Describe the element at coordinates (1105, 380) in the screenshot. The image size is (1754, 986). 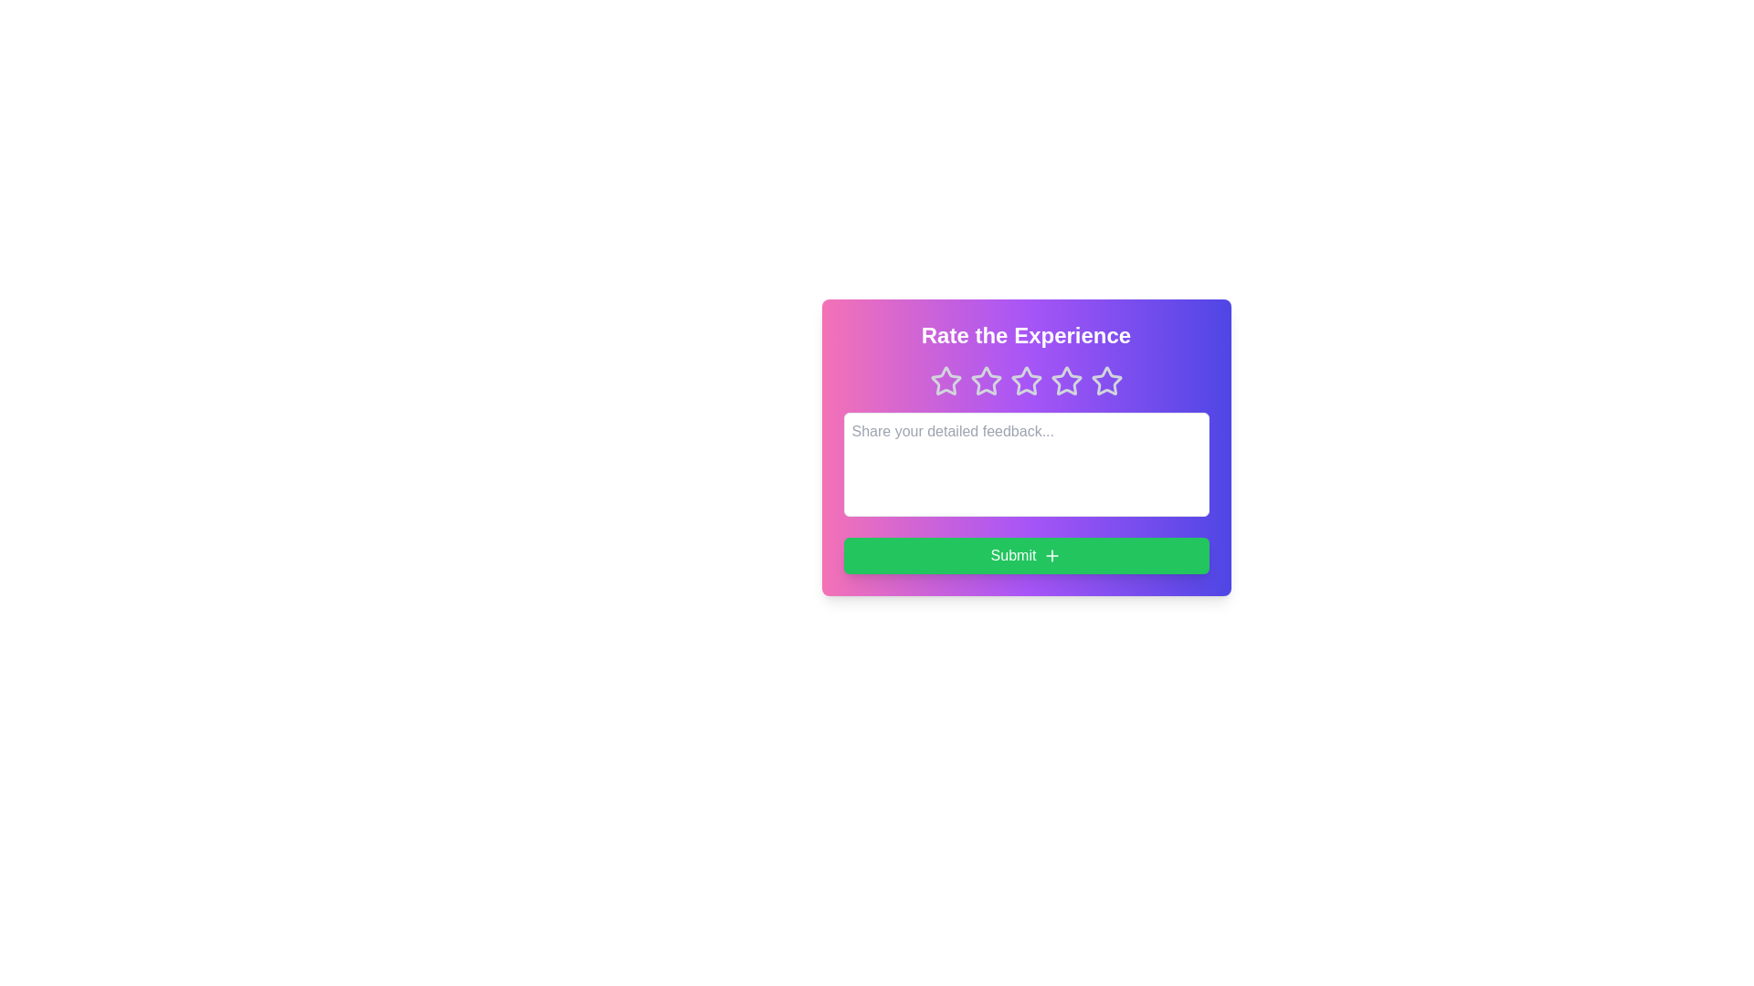
I see `the star corresponding to the desired rating 5` at that location.